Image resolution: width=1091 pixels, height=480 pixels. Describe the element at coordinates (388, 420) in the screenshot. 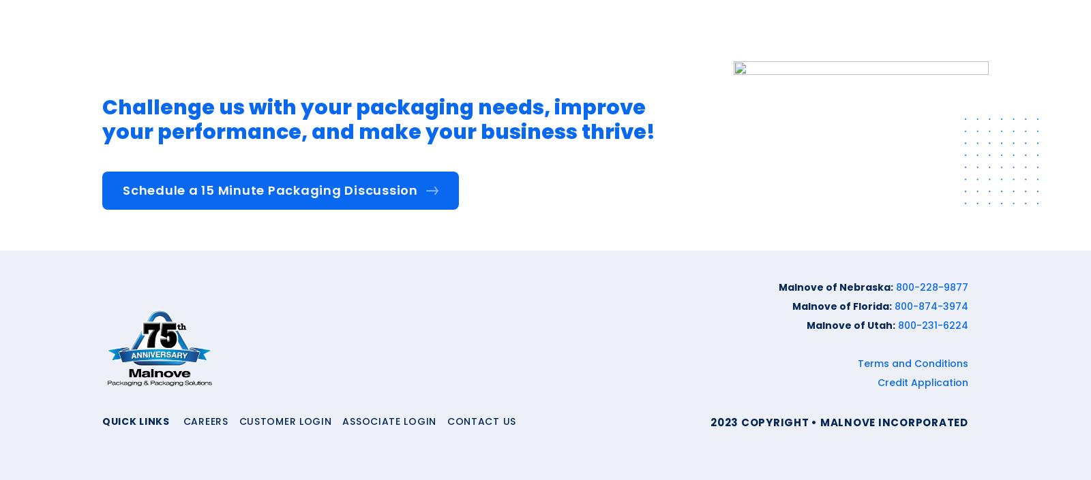

I see `'ASSOCIATE LOGIN'` at that location.